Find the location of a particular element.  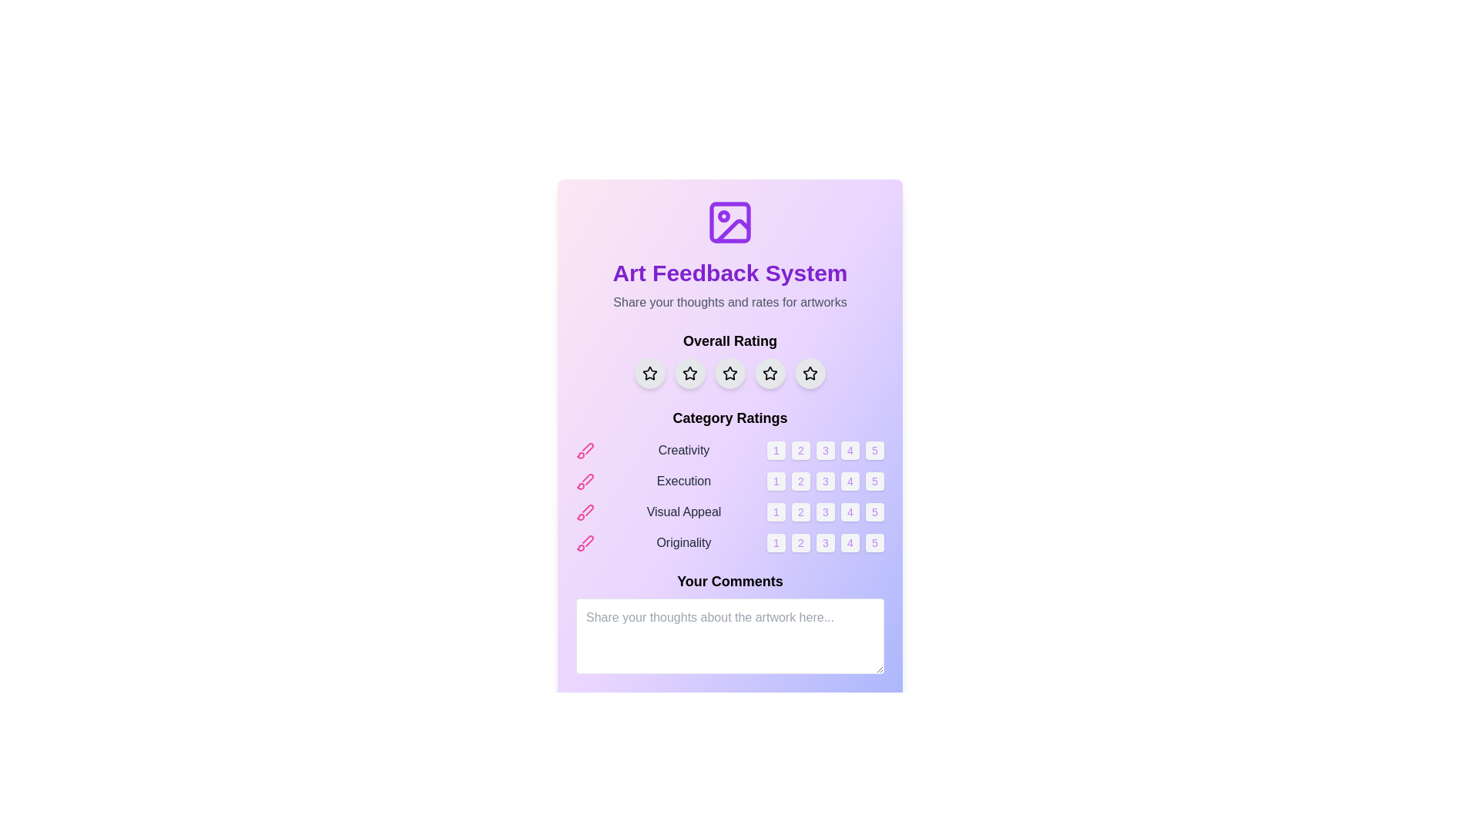

the brush icon representing the creativity category, located to the left of the 'Creativity' label in the 'Category Ratings' section is located at coordinates (584, 451).